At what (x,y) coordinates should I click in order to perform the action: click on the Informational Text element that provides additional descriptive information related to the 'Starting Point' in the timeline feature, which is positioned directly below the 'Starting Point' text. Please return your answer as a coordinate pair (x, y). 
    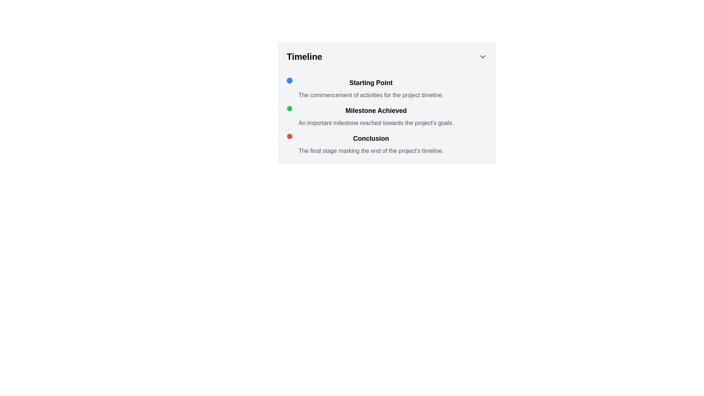
    Looking at the image, I should click on (371, 95).